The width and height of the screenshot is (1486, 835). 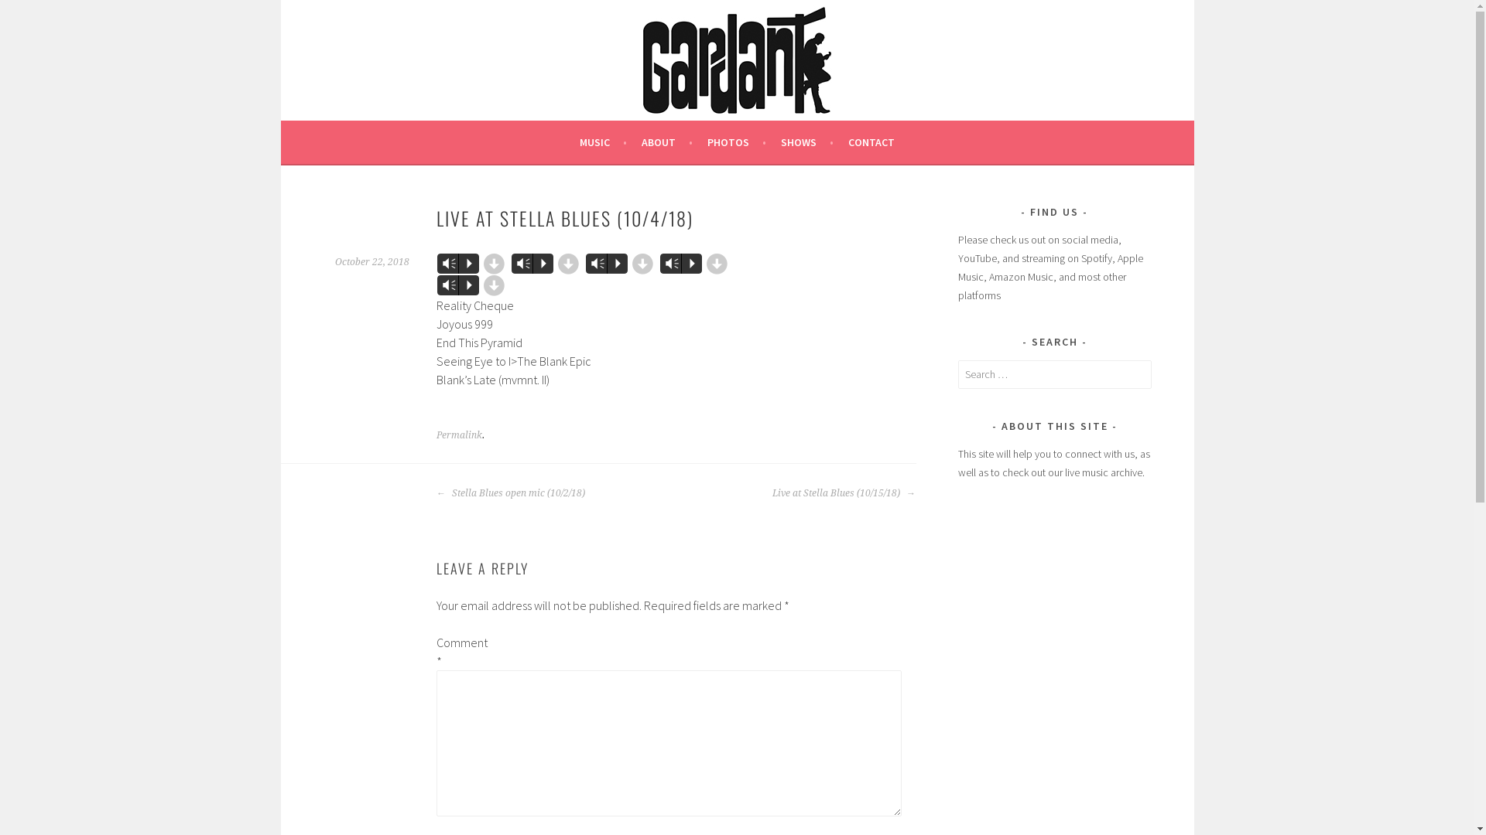 I want to click on 'MUSIC', so click(x=602, y=142).